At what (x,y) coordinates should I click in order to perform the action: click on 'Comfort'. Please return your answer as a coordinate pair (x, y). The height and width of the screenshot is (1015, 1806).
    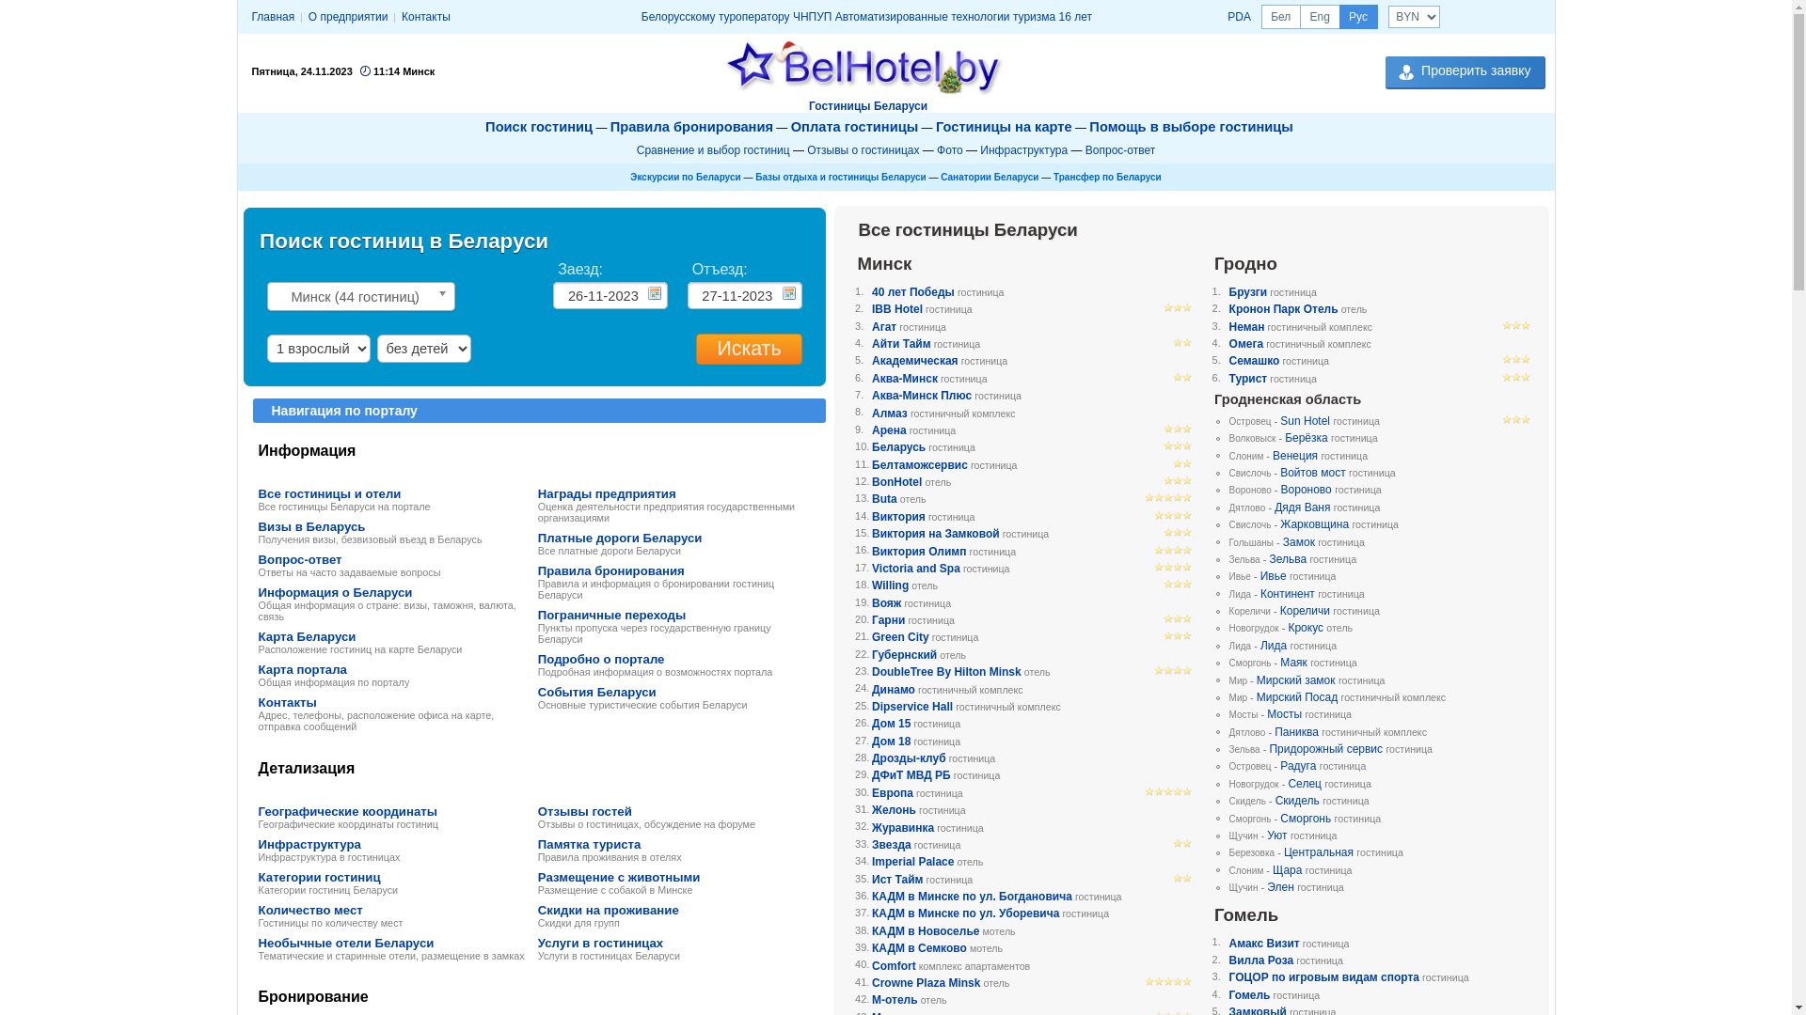
    Looking at the image, I should click on (893, 966).